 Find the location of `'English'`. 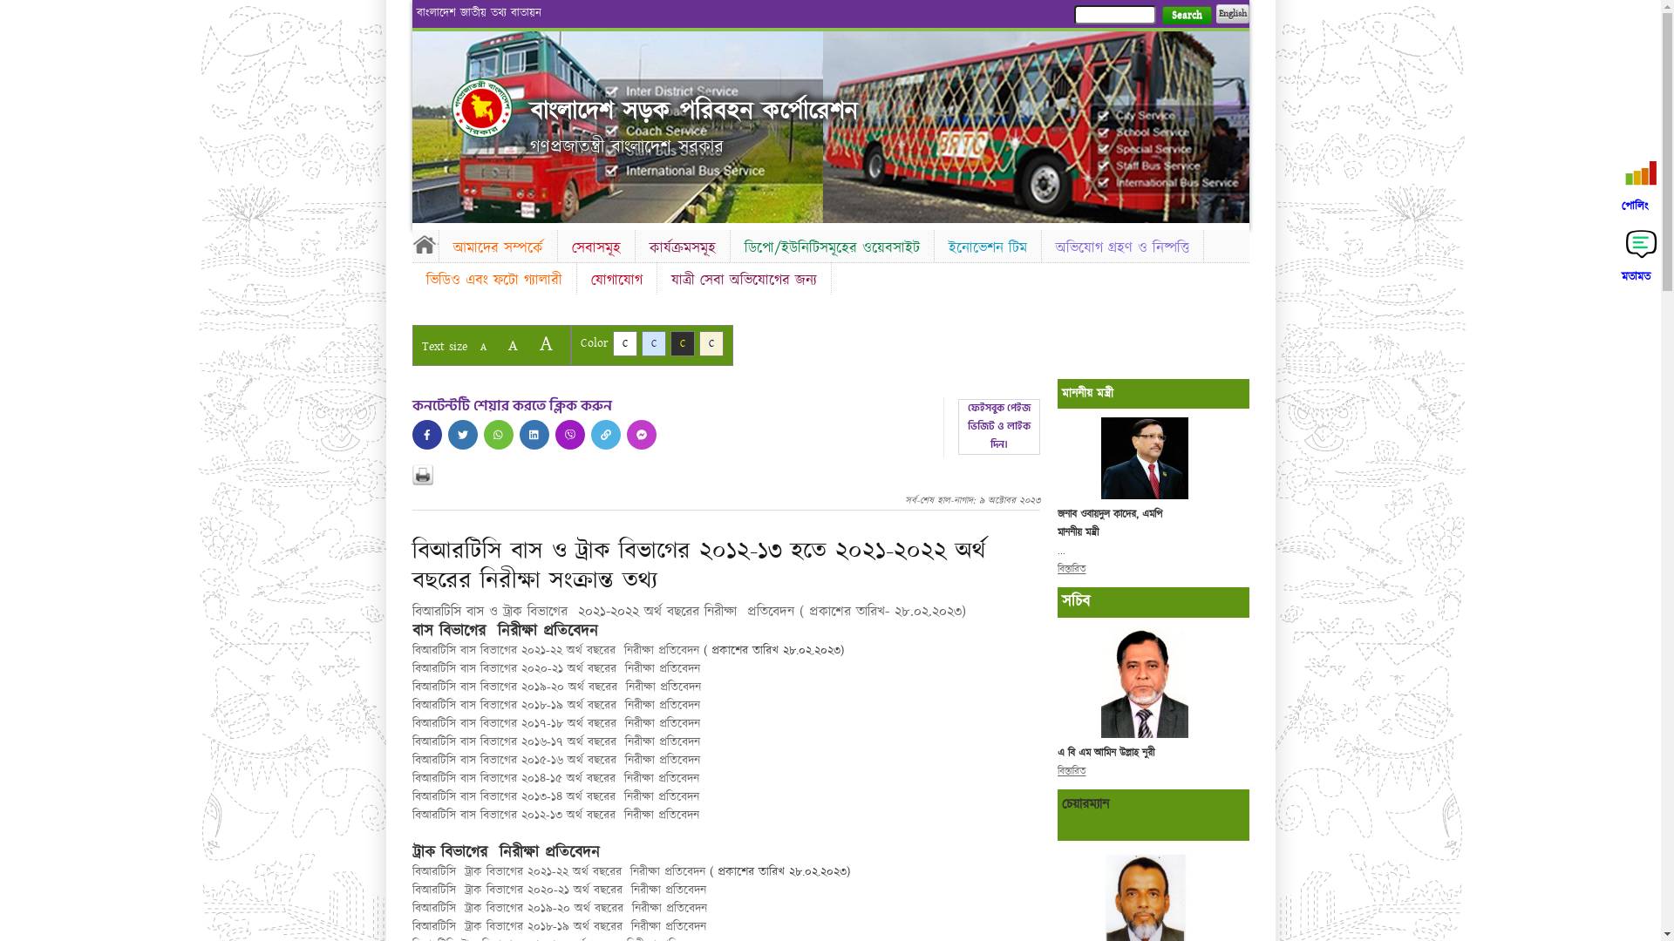

'English' is located at coordinates (1230, 13).